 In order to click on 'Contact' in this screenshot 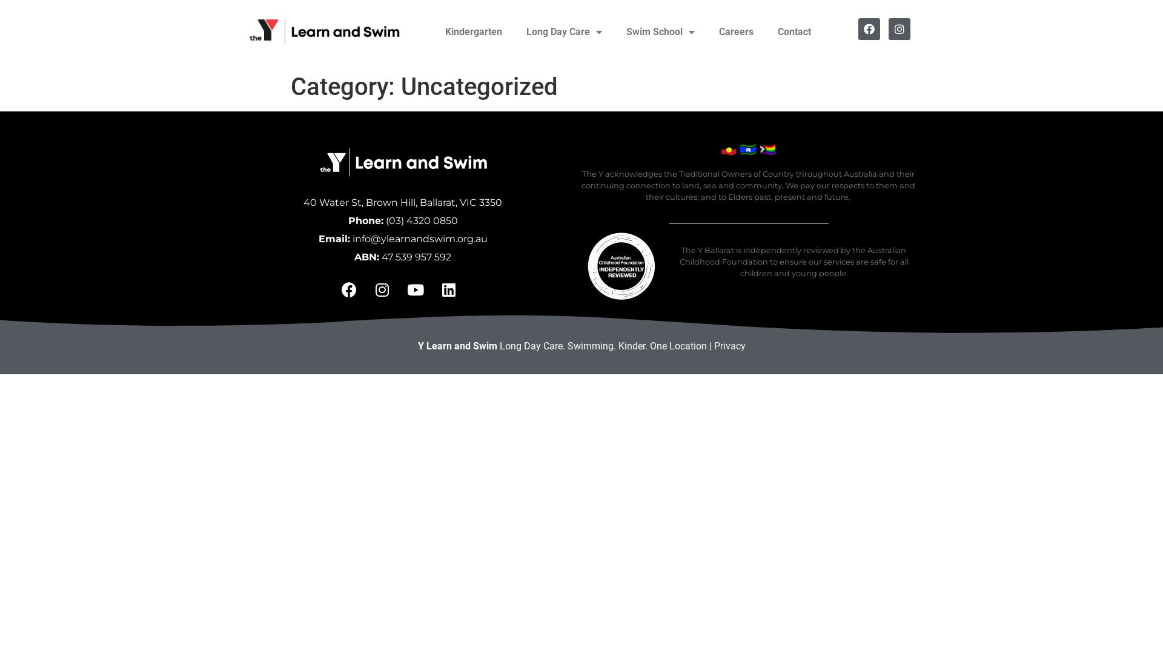, I will do `click(764, 31)`.